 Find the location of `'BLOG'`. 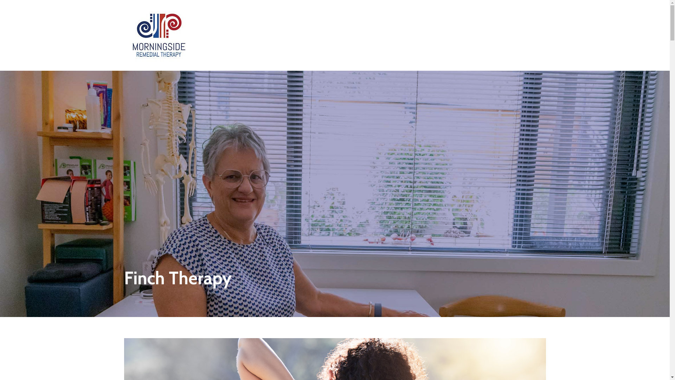

'BLOG' is located at coordinates (400, 16).